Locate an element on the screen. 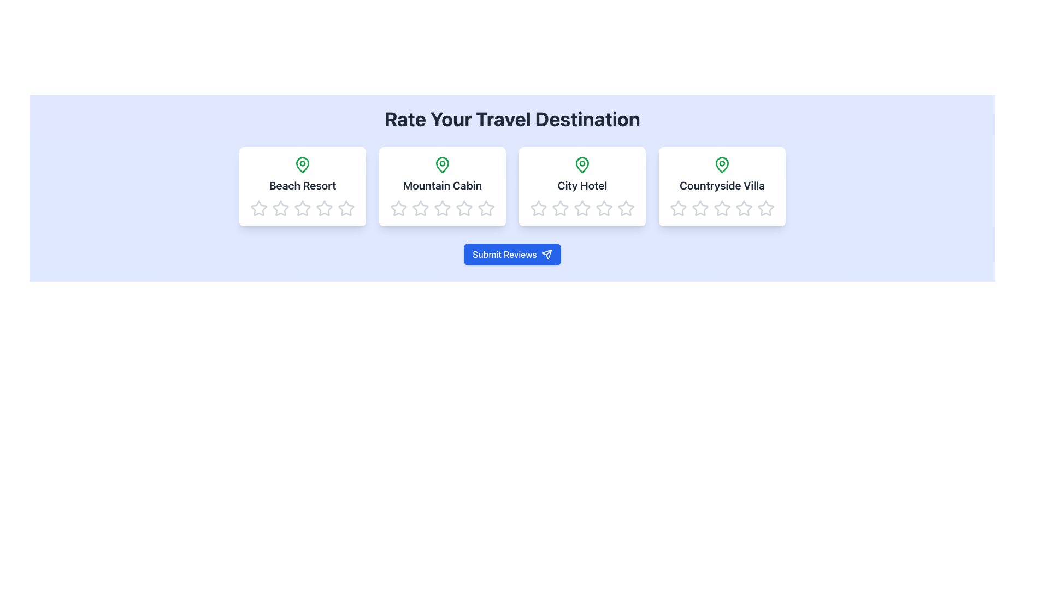 Image resolution: width=1049 pixels, height=590 pixels. the fourth interactive rating star icon located under the 'Beach Resort' section to rate is located at coordinates (302, 208).